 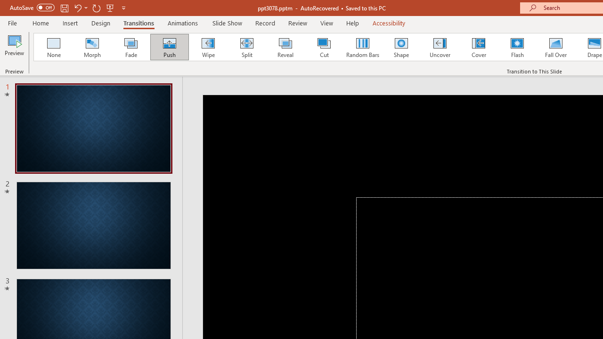 I want to click on 'Fade', so click(x=130, y=47).